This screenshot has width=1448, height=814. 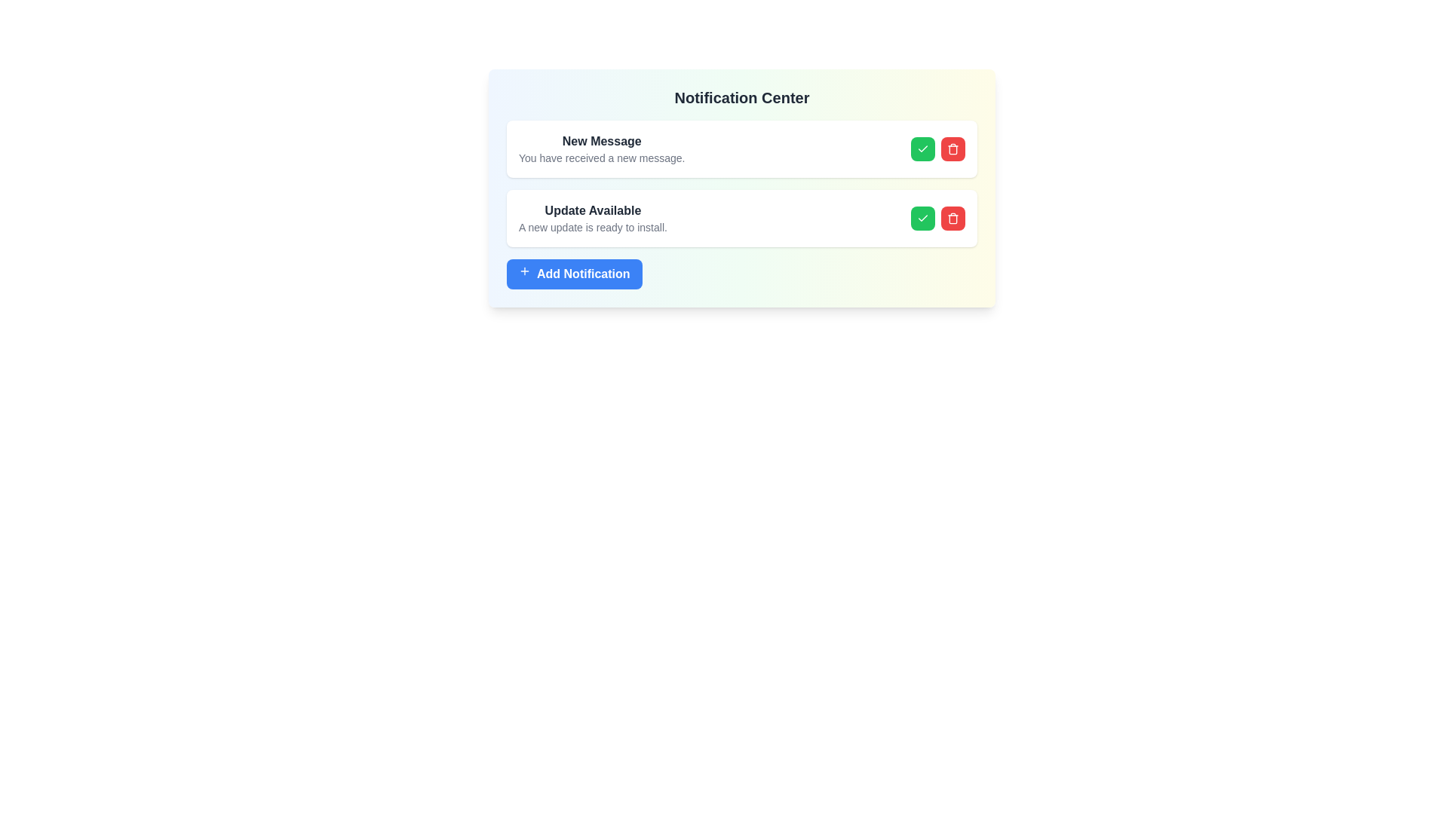 What do you see at coordinates (601, 142) in the screenshot?
I see `the bolded, dark-gray text label displaying 'New Message', which is located in the notification center above the lighter text 'You have received a new message.'` at bounding box center [601, 142].